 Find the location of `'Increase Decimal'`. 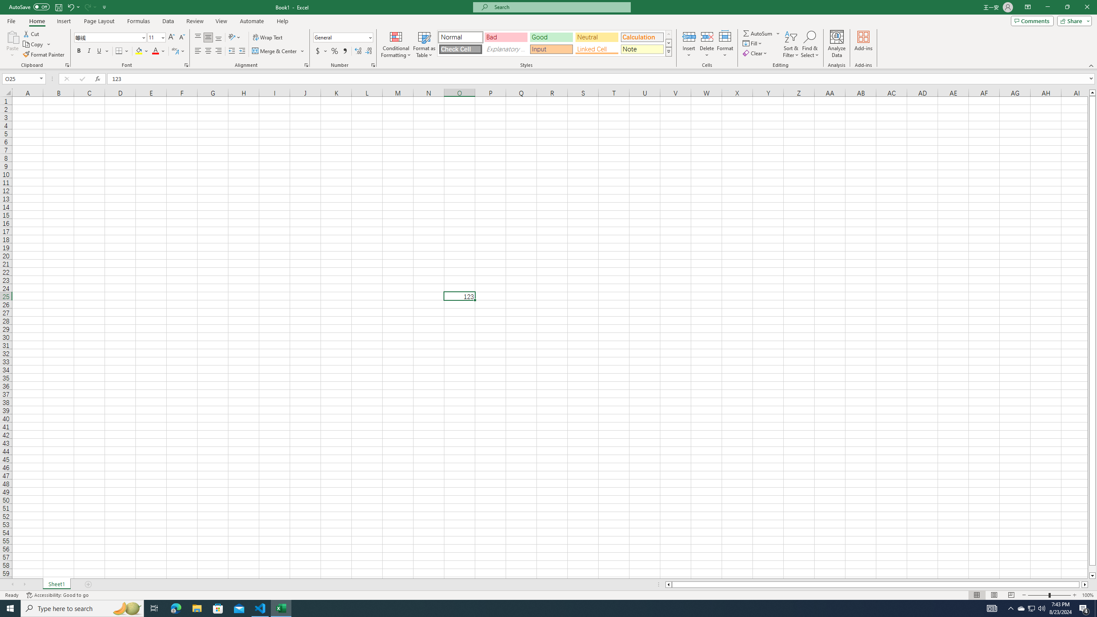

'Increase Decimal' is located at coordinates (358, 51).